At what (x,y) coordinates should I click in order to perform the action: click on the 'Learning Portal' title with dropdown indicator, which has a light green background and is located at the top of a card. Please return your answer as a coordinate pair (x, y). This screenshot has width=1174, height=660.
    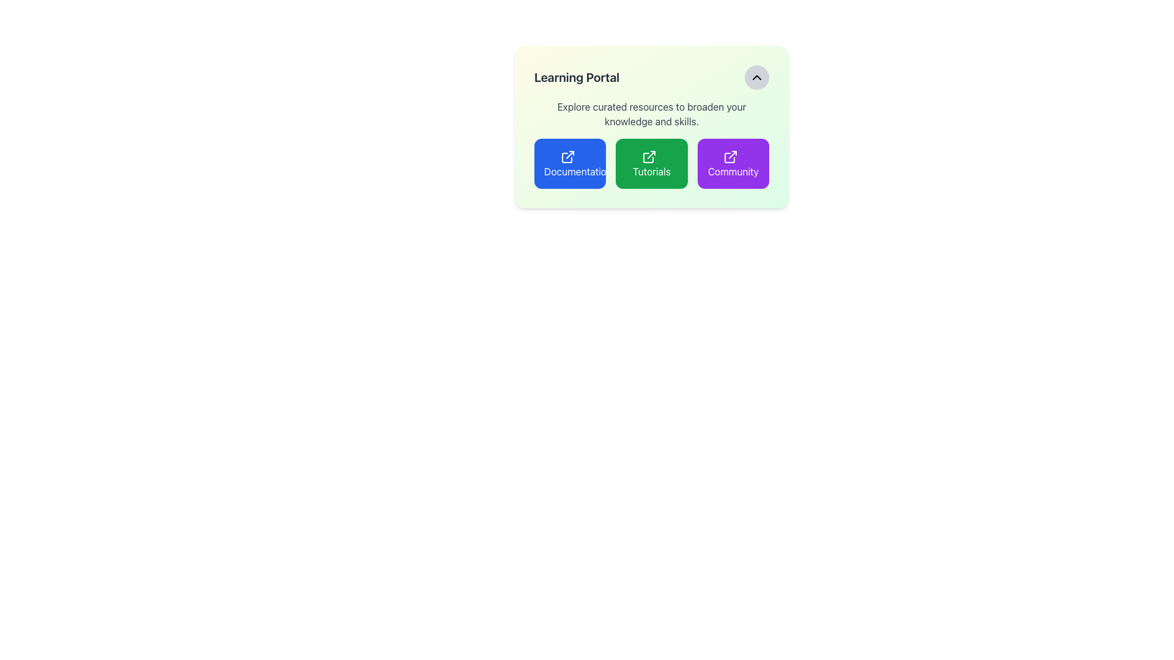
    Looking at the image, I should click on (651, 78).